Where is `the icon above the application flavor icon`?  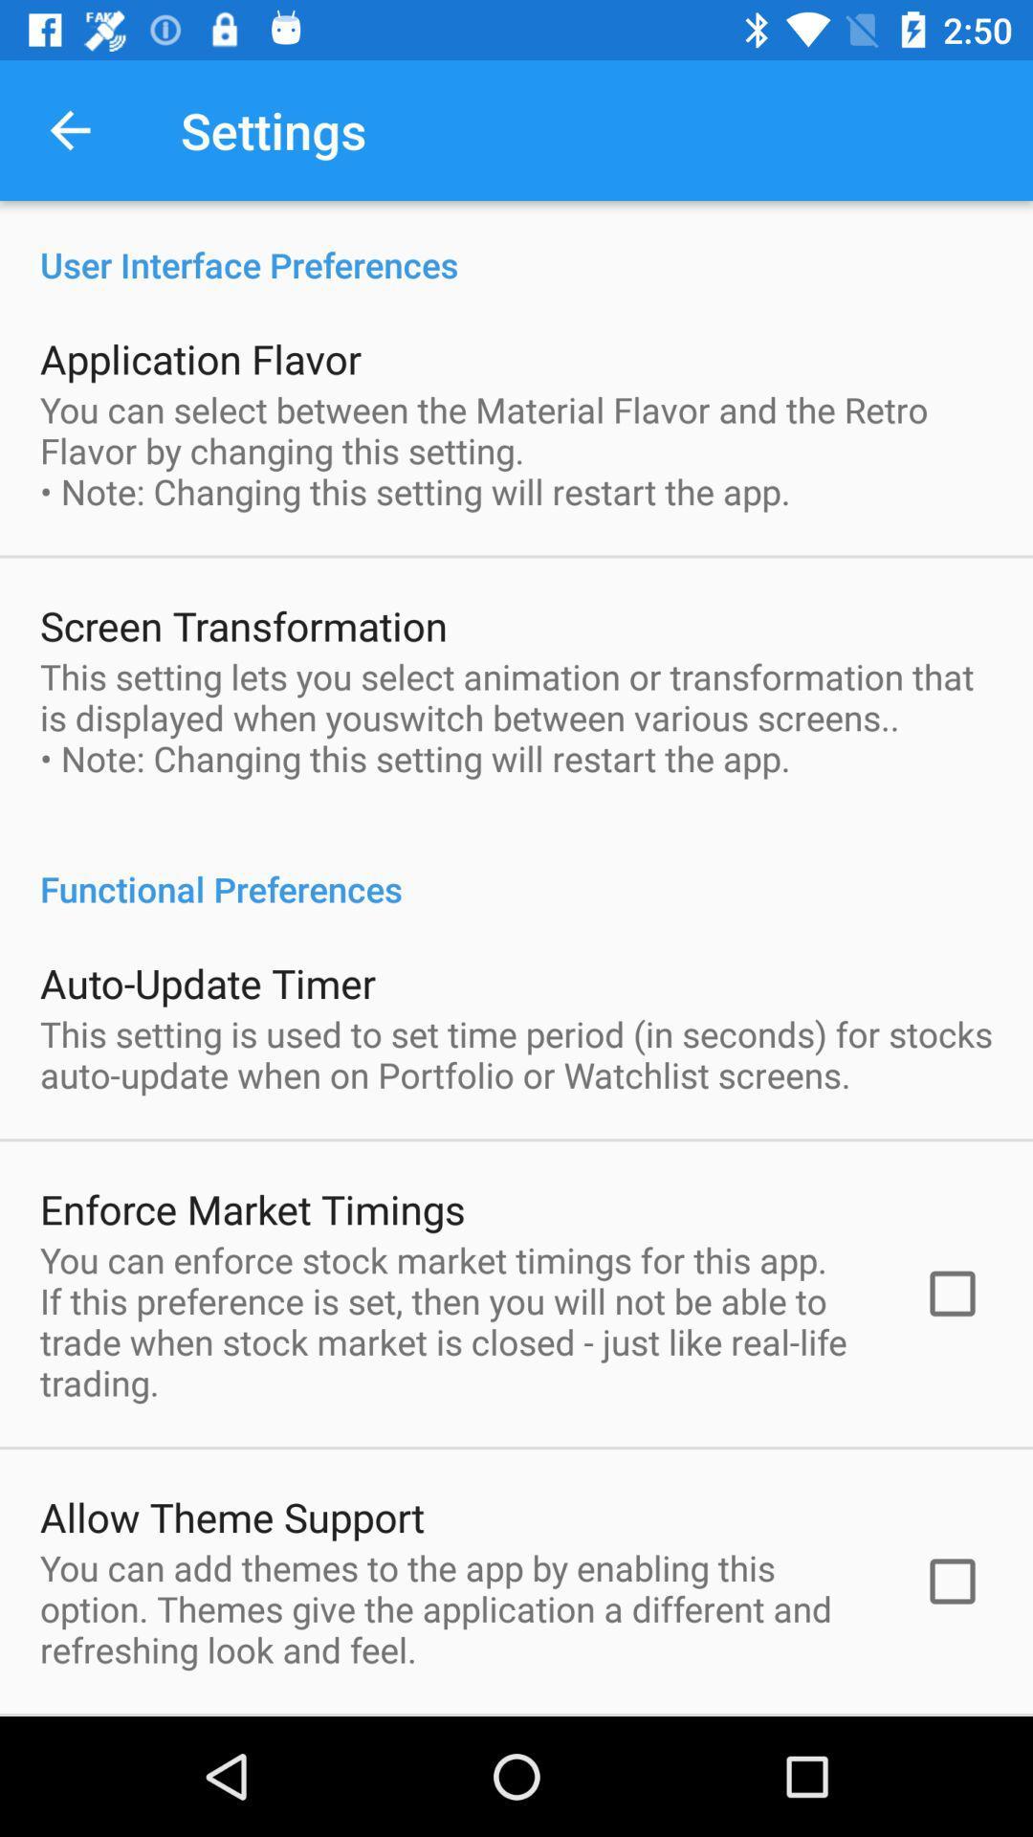
the icon above the application flavor icon is located at coordinates (516, 243).